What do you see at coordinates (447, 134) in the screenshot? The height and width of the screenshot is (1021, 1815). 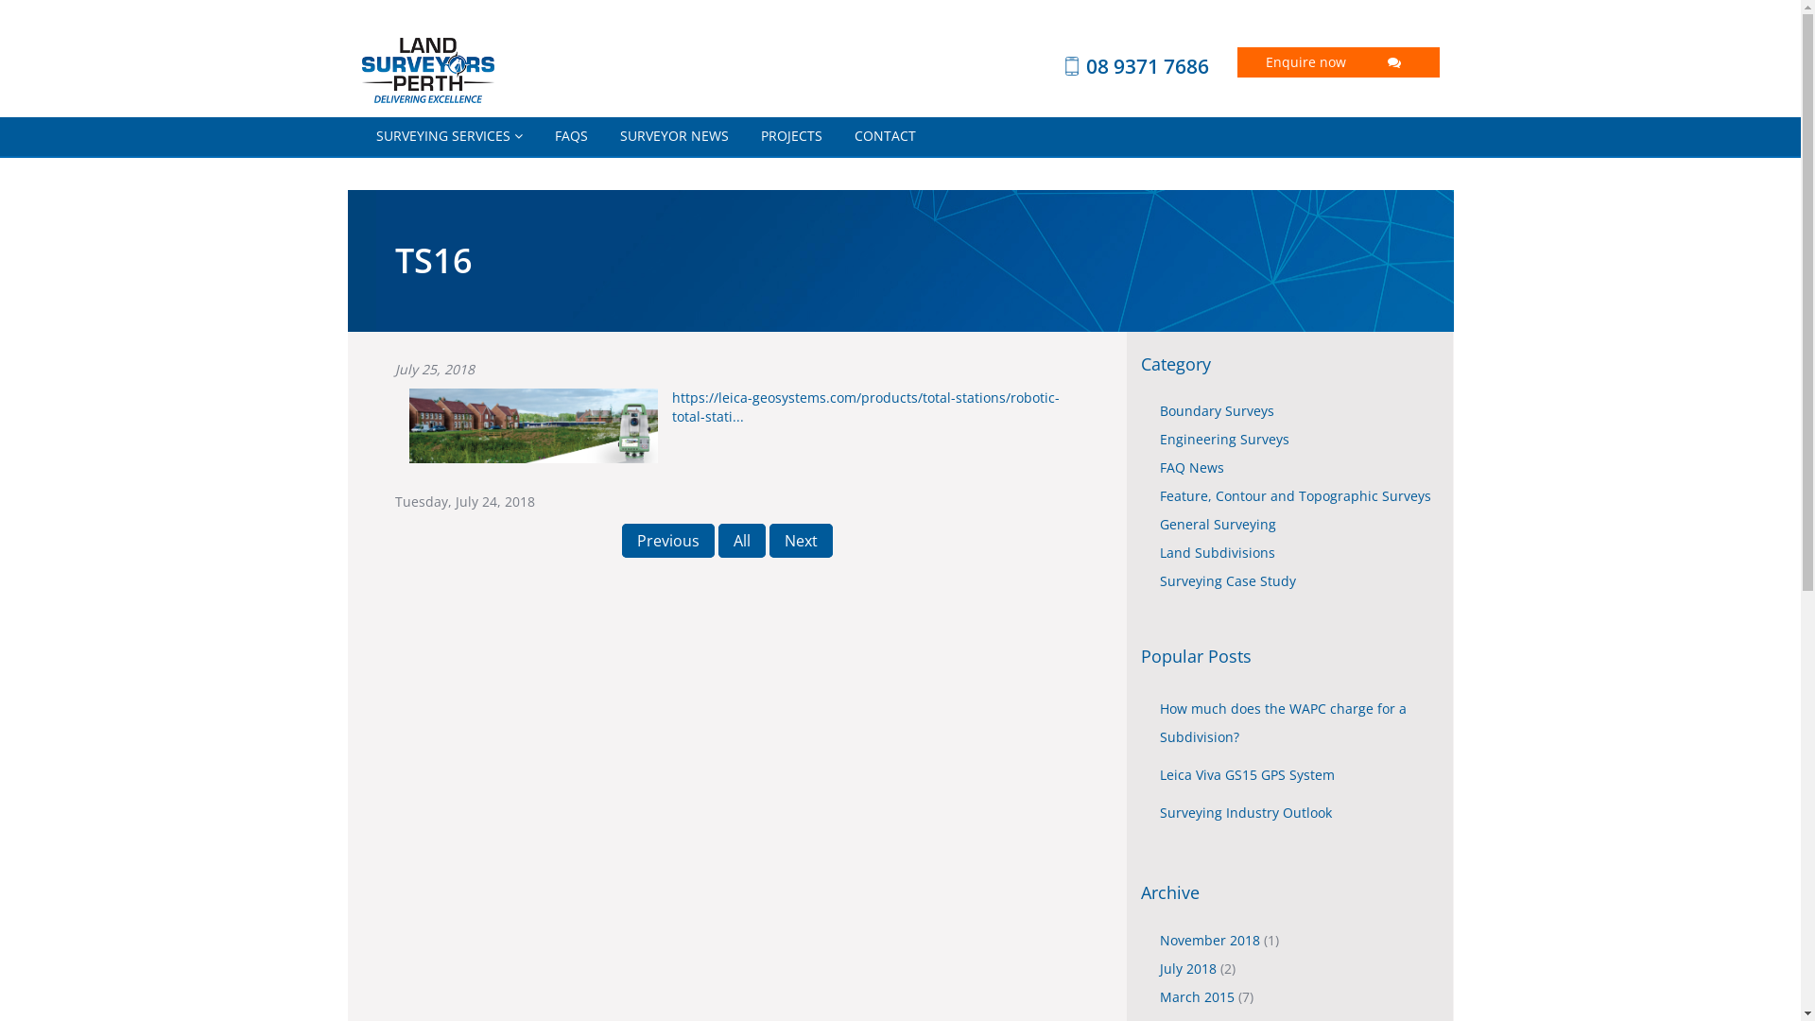 I see `'SURVEYING SERVICES'` at bounding box center [447, 134].